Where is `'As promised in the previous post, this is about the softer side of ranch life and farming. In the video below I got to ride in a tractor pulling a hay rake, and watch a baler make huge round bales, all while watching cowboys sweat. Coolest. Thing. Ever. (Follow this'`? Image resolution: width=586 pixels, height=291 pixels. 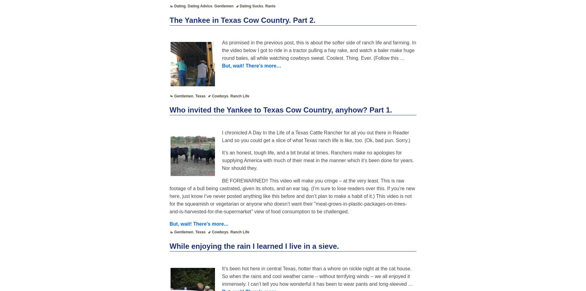 'As promised in the previous post, this is about the softer side of ranch life and farming. In the video below I got to ride in a tractor pulling a hay rake, and watch a baler make huge round bales, all while watching cowboys sweat. Coolest. Thing. Ever. (Follow this' is located at coordinates (319, 50).